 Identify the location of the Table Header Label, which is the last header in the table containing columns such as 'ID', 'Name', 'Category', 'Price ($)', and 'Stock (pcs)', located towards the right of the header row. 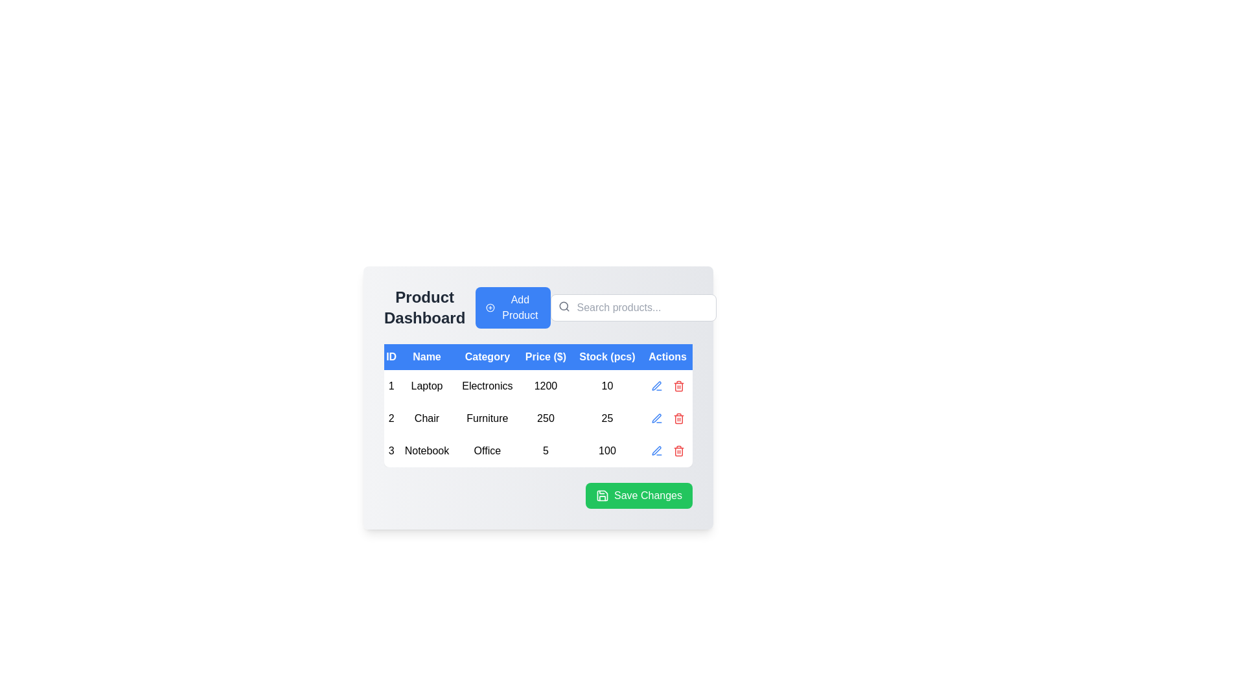
(667, 357).